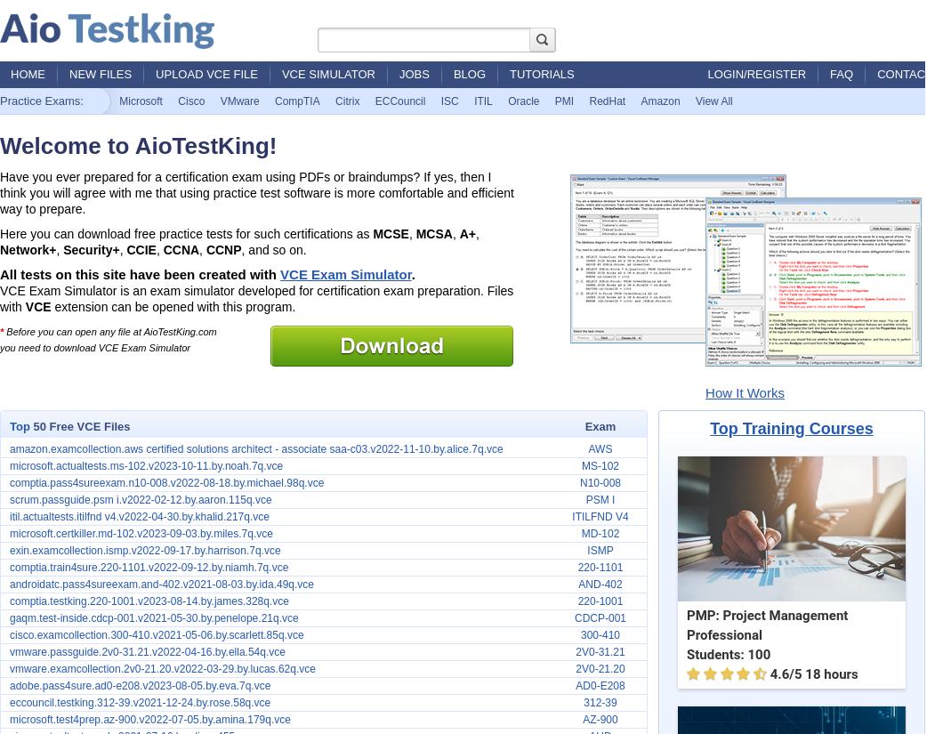 The image size is (943, 734). What do you see at coordinates (599, 465) in the screenshot?
I see `'MS-102'` at bounding box center [599, 465].